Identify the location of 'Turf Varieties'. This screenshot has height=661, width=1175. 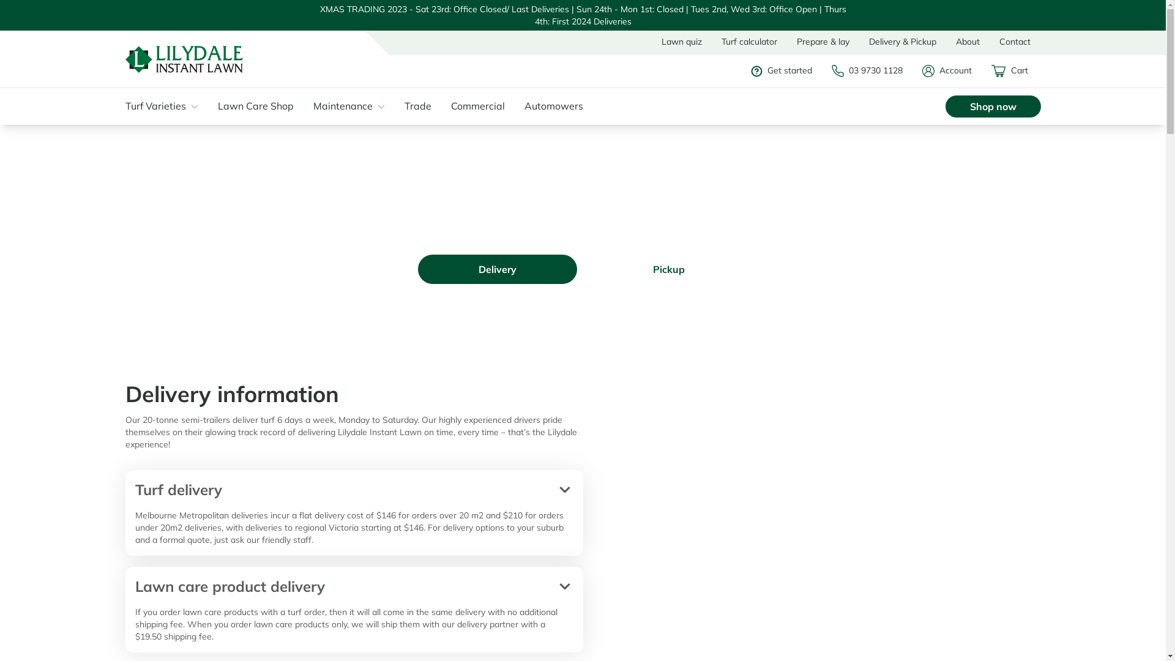
(124, 105).